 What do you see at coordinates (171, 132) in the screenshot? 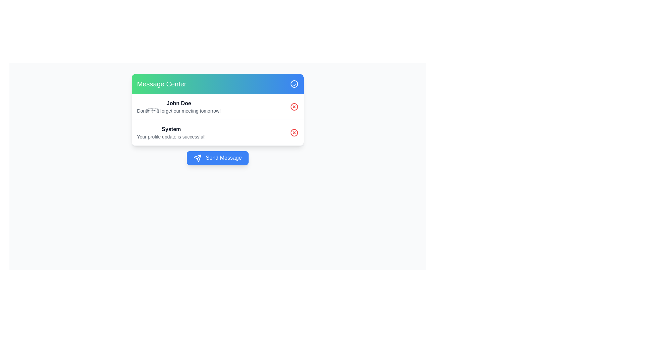
I see `text content of the notification message located in the second notification block under 'Message Center', below 'John Doe' and above the 'Send Message' button` at bounding box center [171, 132].